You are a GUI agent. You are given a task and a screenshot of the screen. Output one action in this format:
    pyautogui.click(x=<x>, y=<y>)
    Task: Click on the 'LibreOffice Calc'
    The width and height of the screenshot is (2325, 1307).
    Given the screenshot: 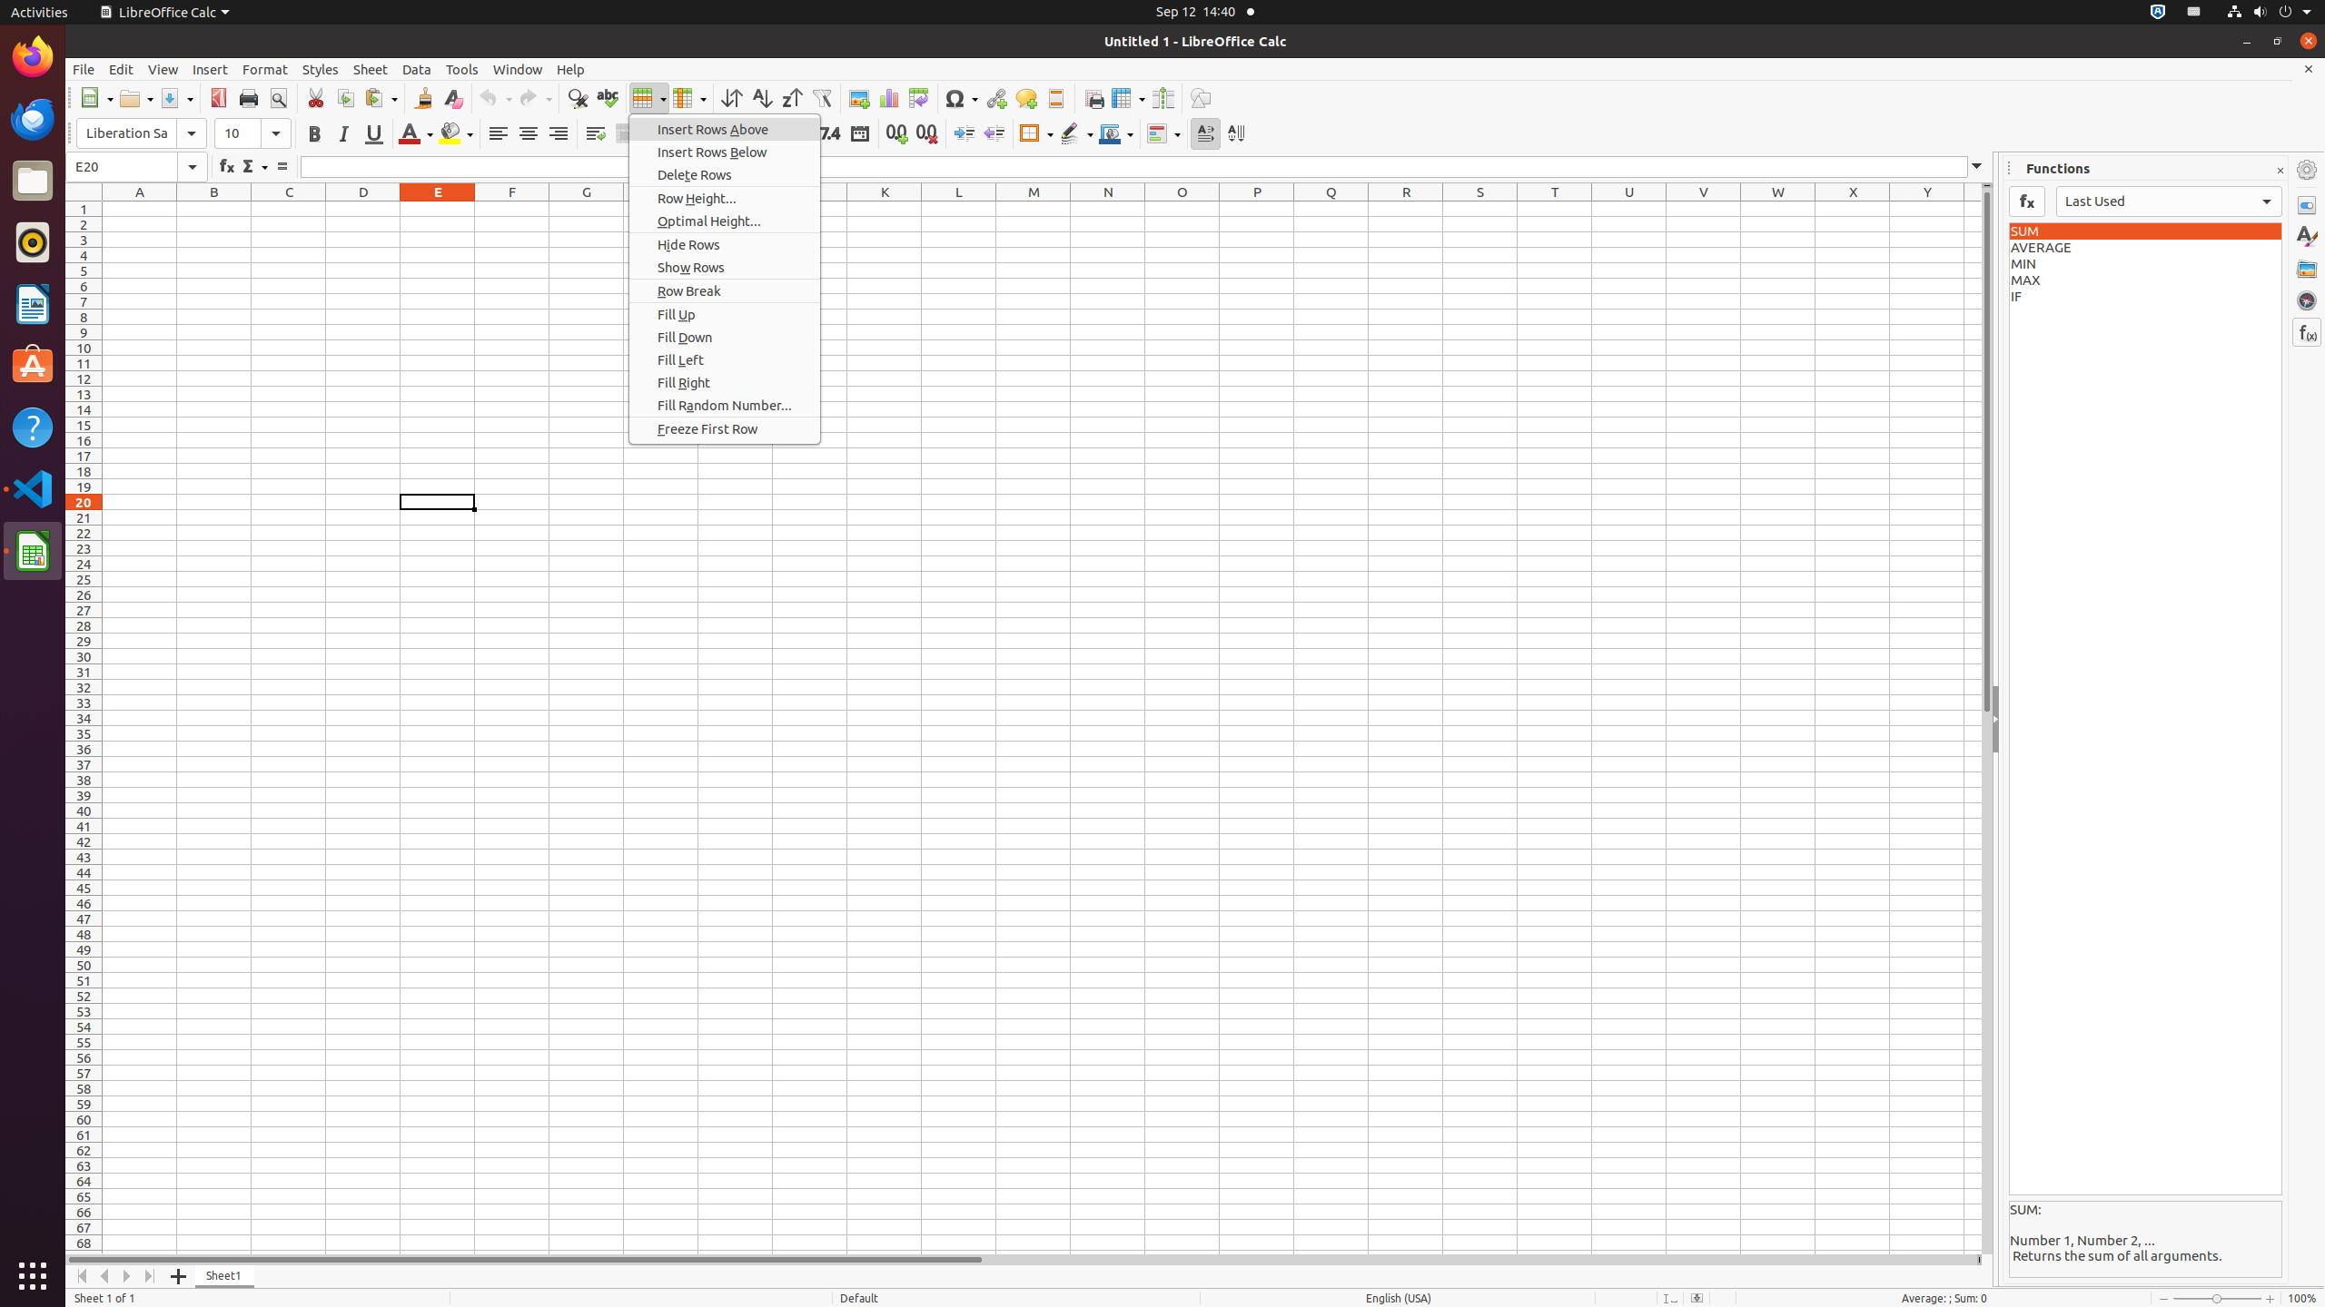 What is the action you would take?
    pyautogui.click(x=163, y=11)
    